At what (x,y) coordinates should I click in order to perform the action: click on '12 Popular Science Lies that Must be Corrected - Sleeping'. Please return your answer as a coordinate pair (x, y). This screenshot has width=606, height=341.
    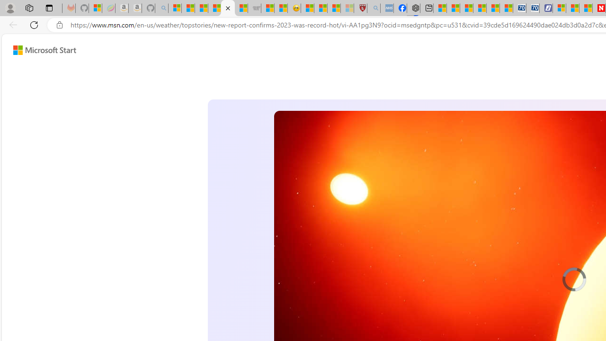
    Looking at the image, I should click on (347, 8).